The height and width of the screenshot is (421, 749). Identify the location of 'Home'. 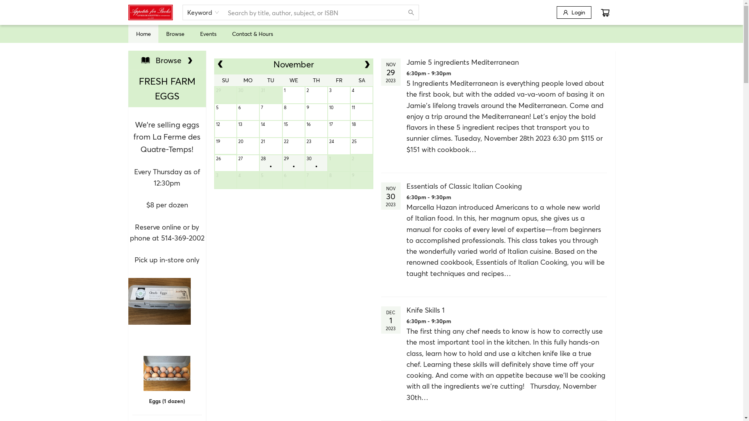
(143, 33).